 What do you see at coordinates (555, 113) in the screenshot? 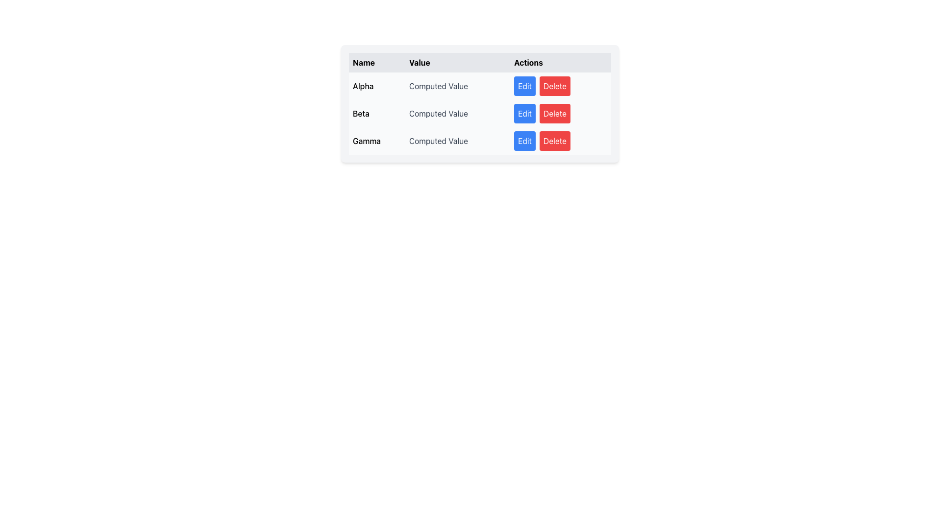
I see `keyboard navigation` at bounding box center [555, 113].